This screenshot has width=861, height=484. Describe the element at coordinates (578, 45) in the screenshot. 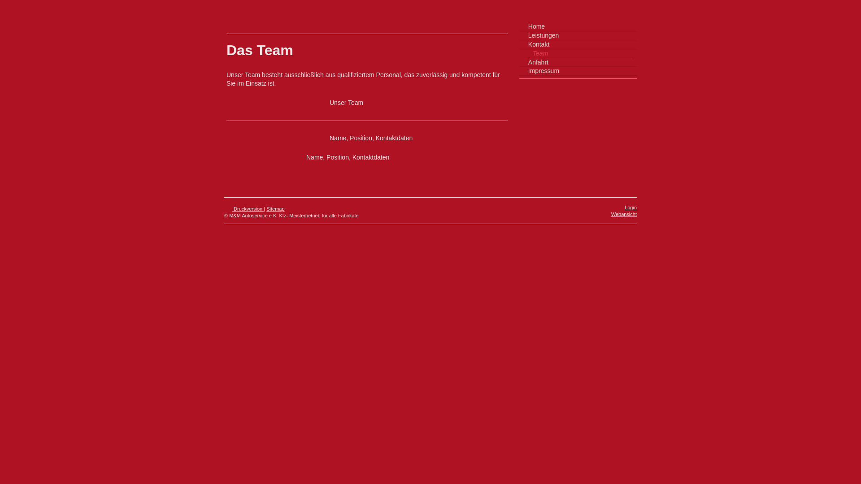

I see `'Kontakt'` at that location.